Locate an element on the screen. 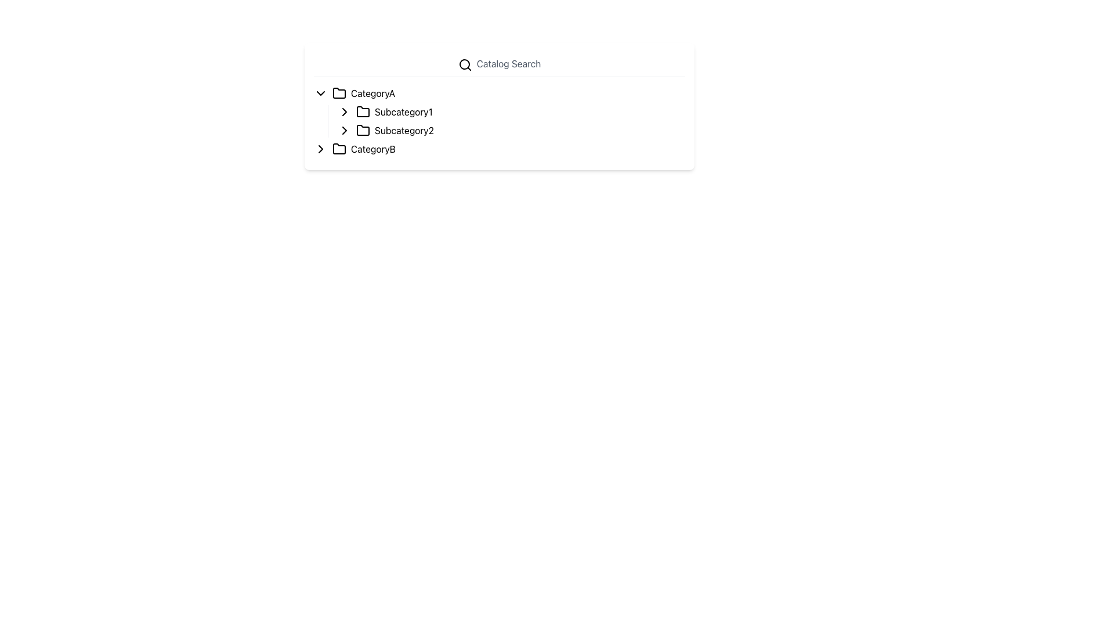  the circular component of the search icon, which represents the lens of a magnifying glass, located next to the text 'Catalog Search' is located at coordinates (464, 64).